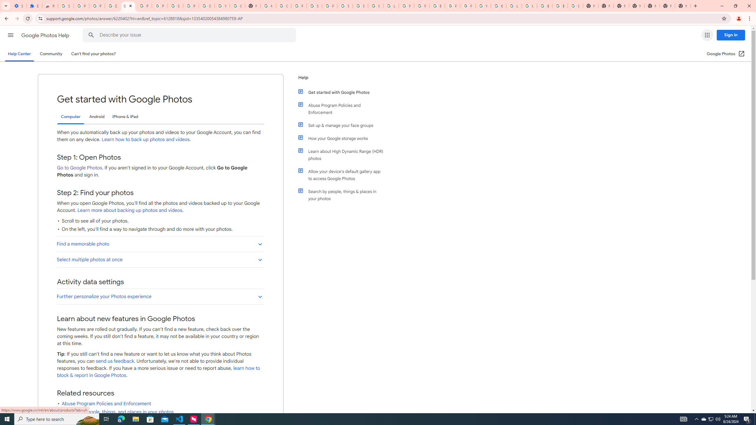  What do you see at coordinates (10, 35) in the screenshot?
I see `'Main menu'` at bounding box center [10, 35].